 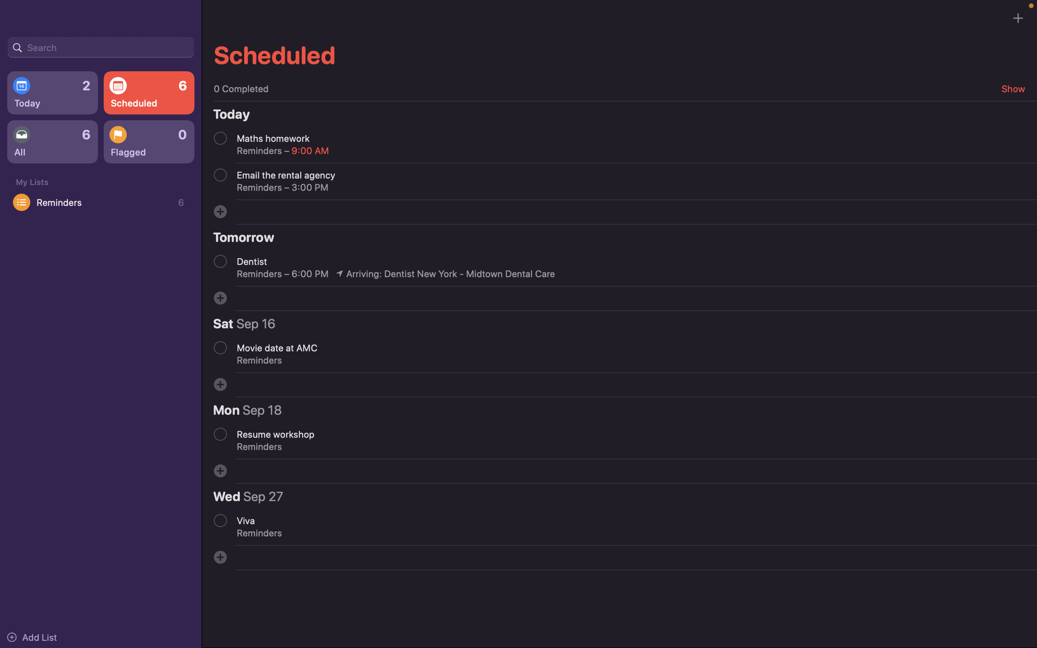 What do you see at coordinates (100, 46) in the screenshot?
I see `Search for event related to meetings` at bounding box center [100, 46].